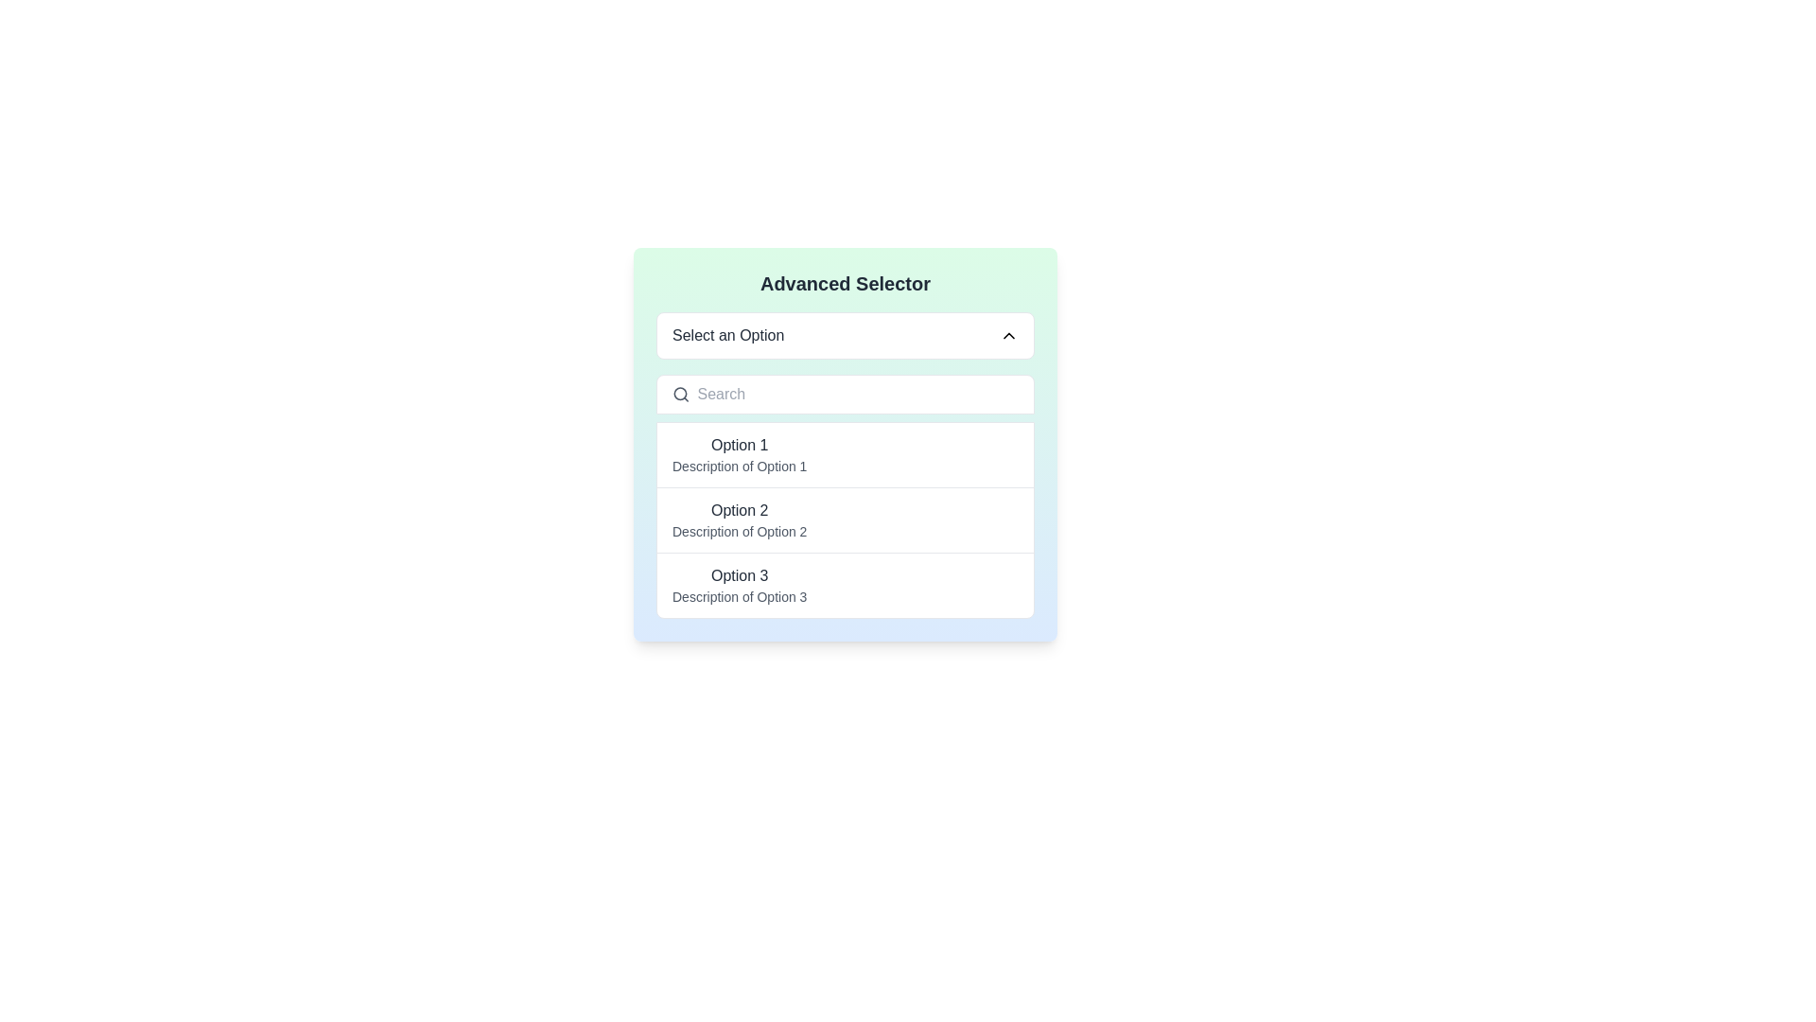 The image size is (1816, 1022). Describe the element at coordinates (844, 445) in the screenshot. I see `an option in the dropdown menu labeled 'Select an Option' within the 'Advanced Selector' dropdown that contains a search input field and options list` at that location.